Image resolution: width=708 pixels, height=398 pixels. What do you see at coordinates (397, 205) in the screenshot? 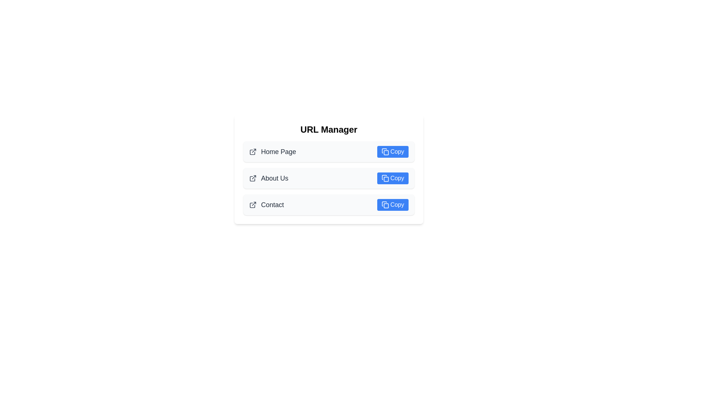
I see `label of the 'Copy' button, which is a textual button with a white font on a blue background, located in the right column of the third row of a vertical list, next to the 'Contact' label` at bounding box center [397, 205].